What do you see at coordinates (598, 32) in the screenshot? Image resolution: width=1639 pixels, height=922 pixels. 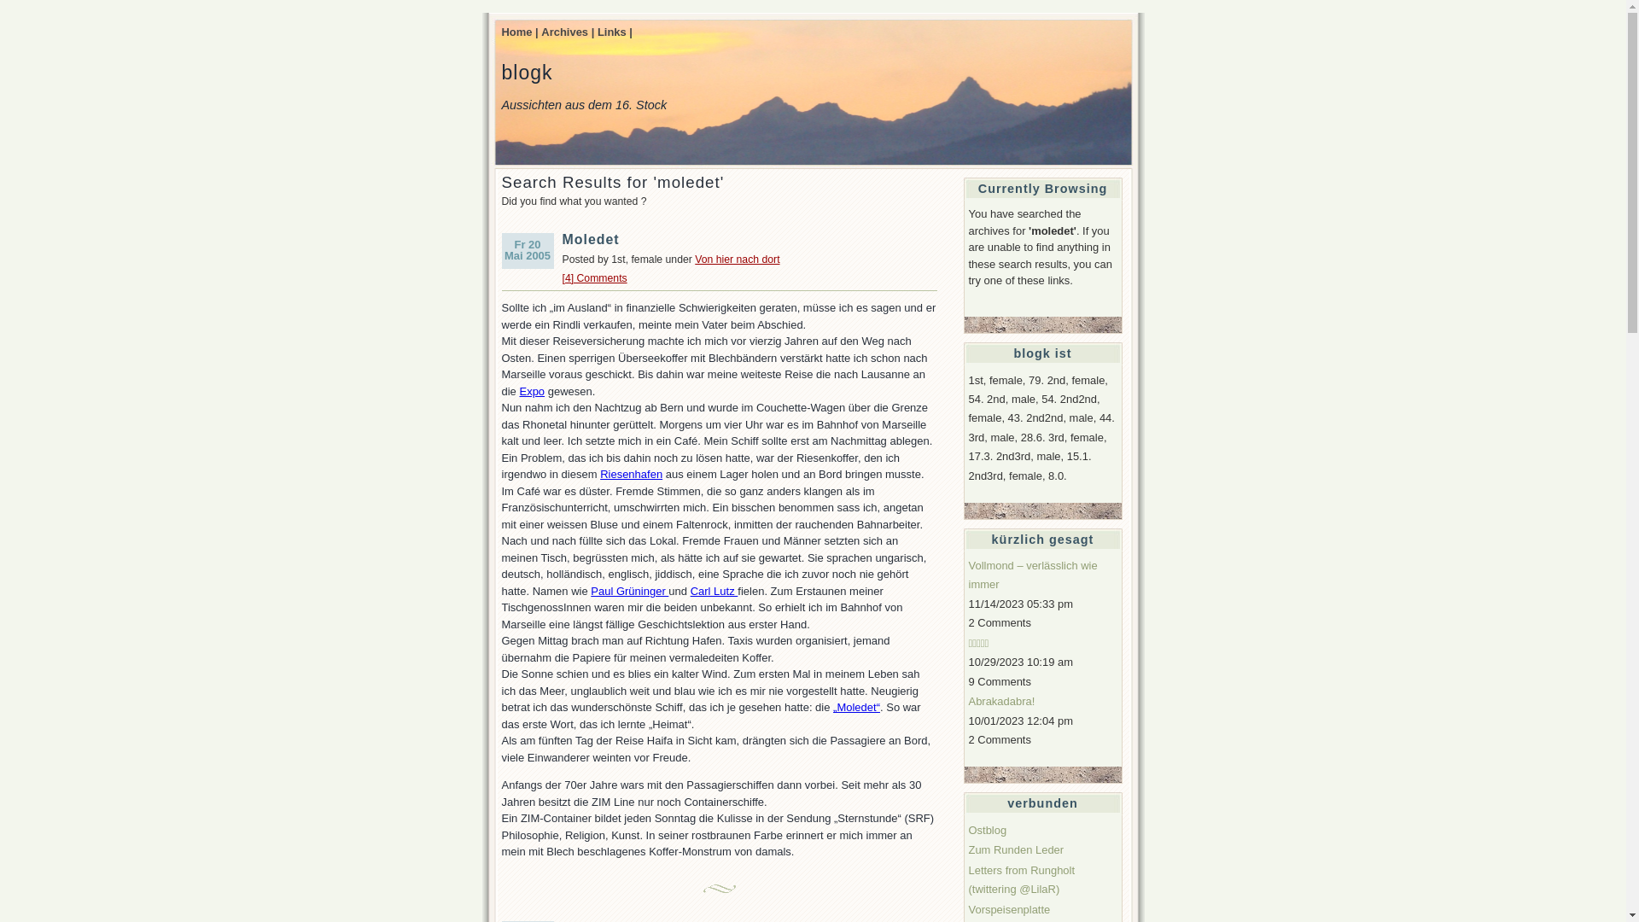 I see `'Links |'` at bounding box center [598, 32].